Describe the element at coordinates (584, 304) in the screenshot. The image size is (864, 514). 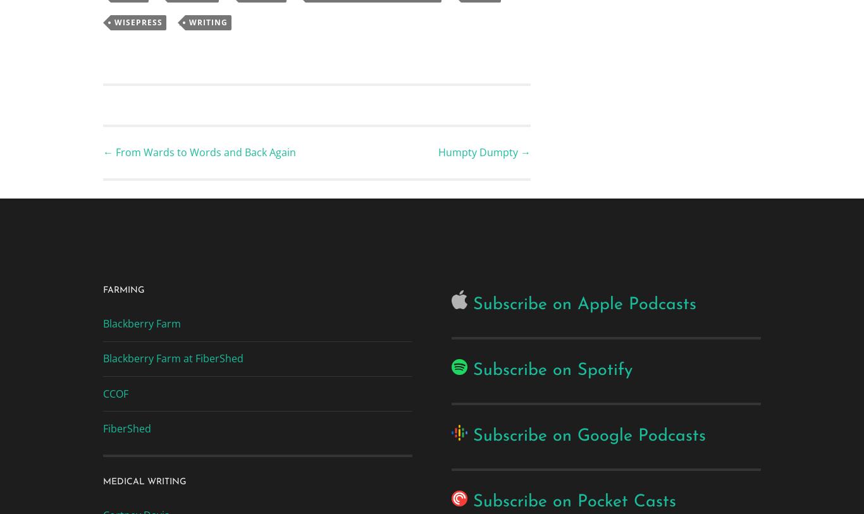
I see `'Subscribe on Apple Podcasts'` at that location.